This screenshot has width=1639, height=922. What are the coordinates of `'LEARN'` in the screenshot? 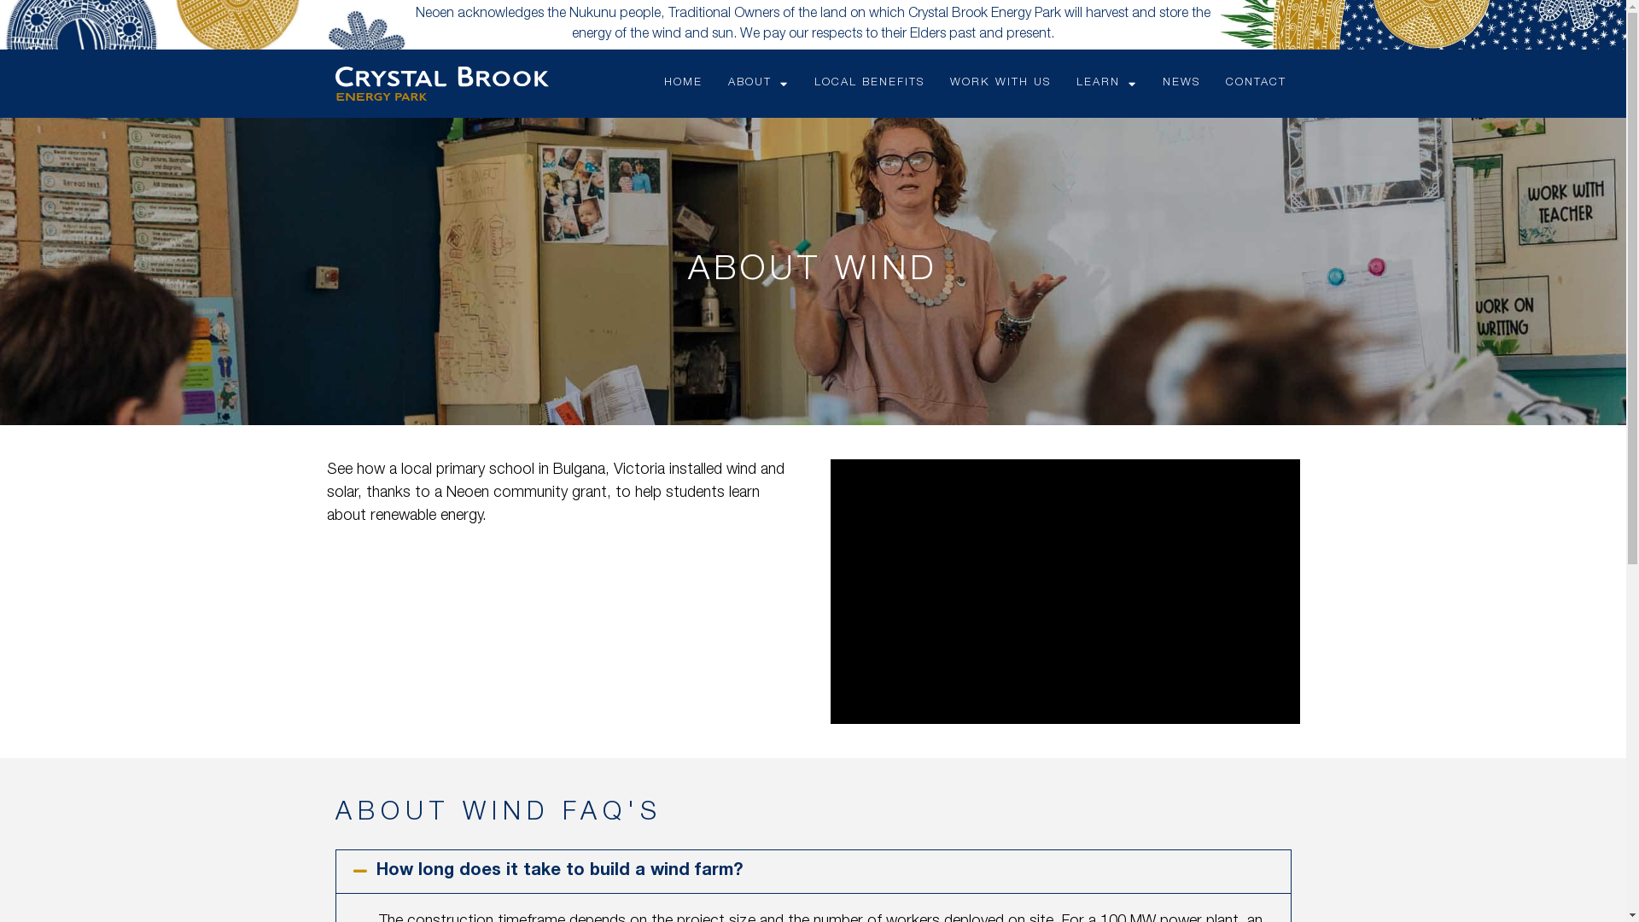 It's located at (1106, 83).